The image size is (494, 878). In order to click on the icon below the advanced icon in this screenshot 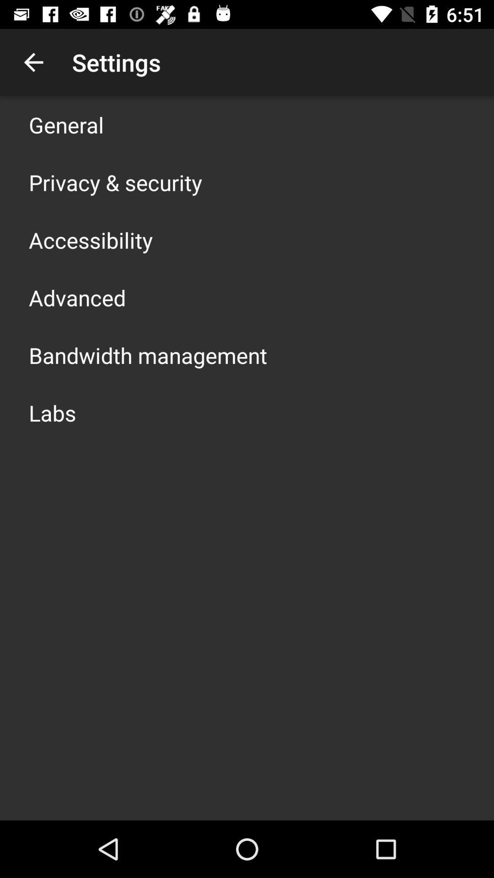, I will do `click(147, 355)`.